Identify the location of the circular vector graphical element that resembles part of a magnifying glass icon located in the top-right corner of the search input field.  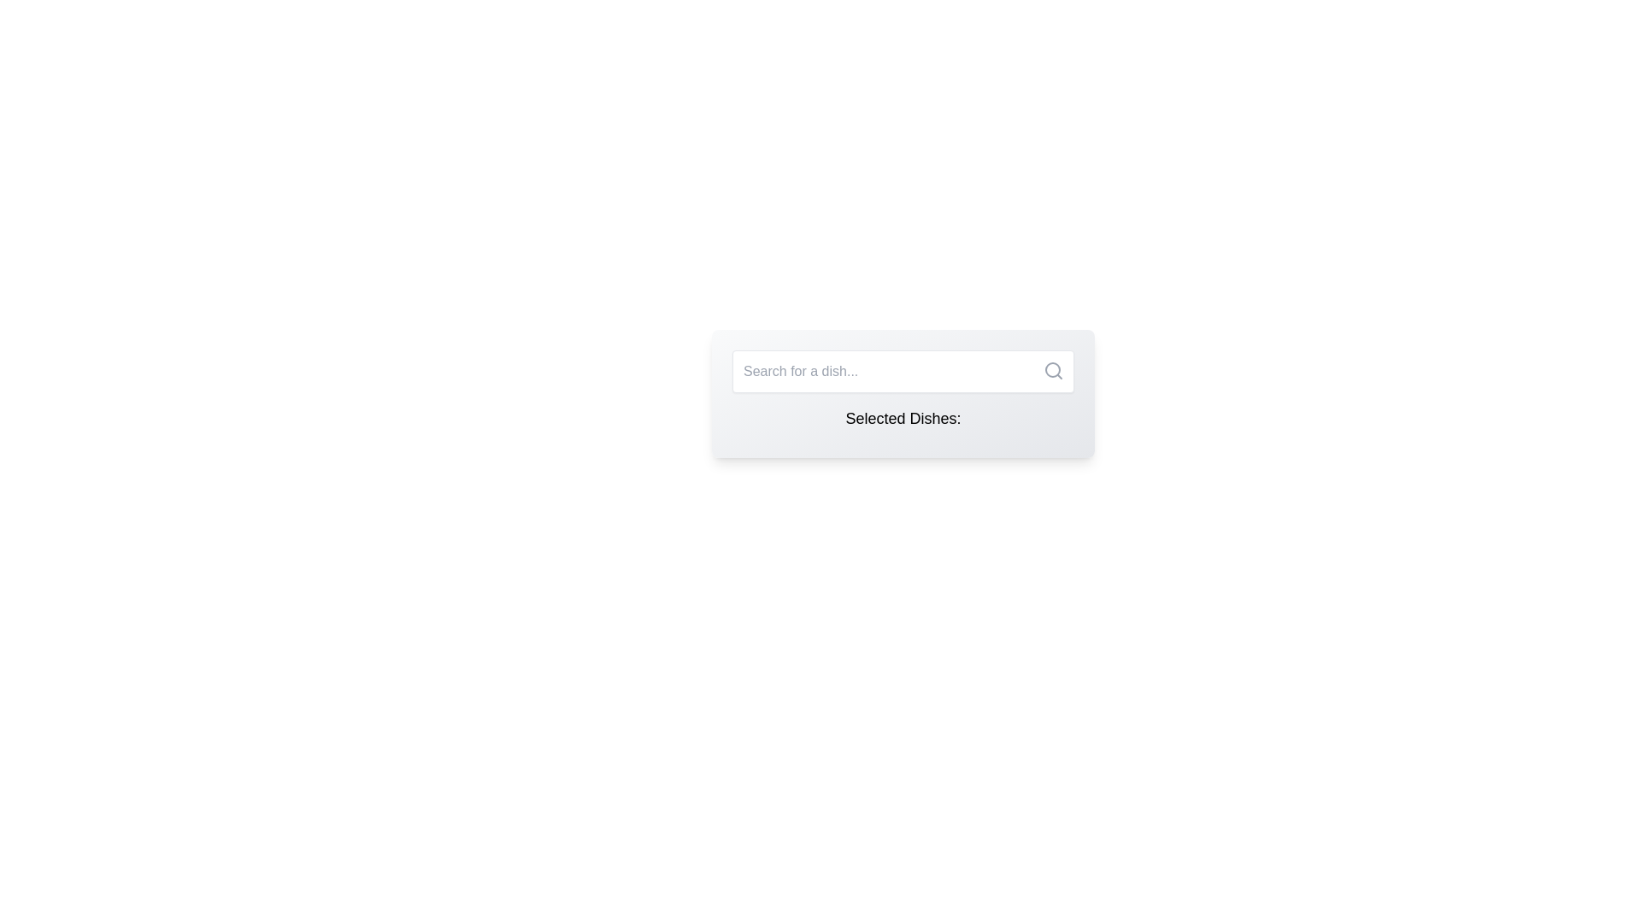
(1052, 368).